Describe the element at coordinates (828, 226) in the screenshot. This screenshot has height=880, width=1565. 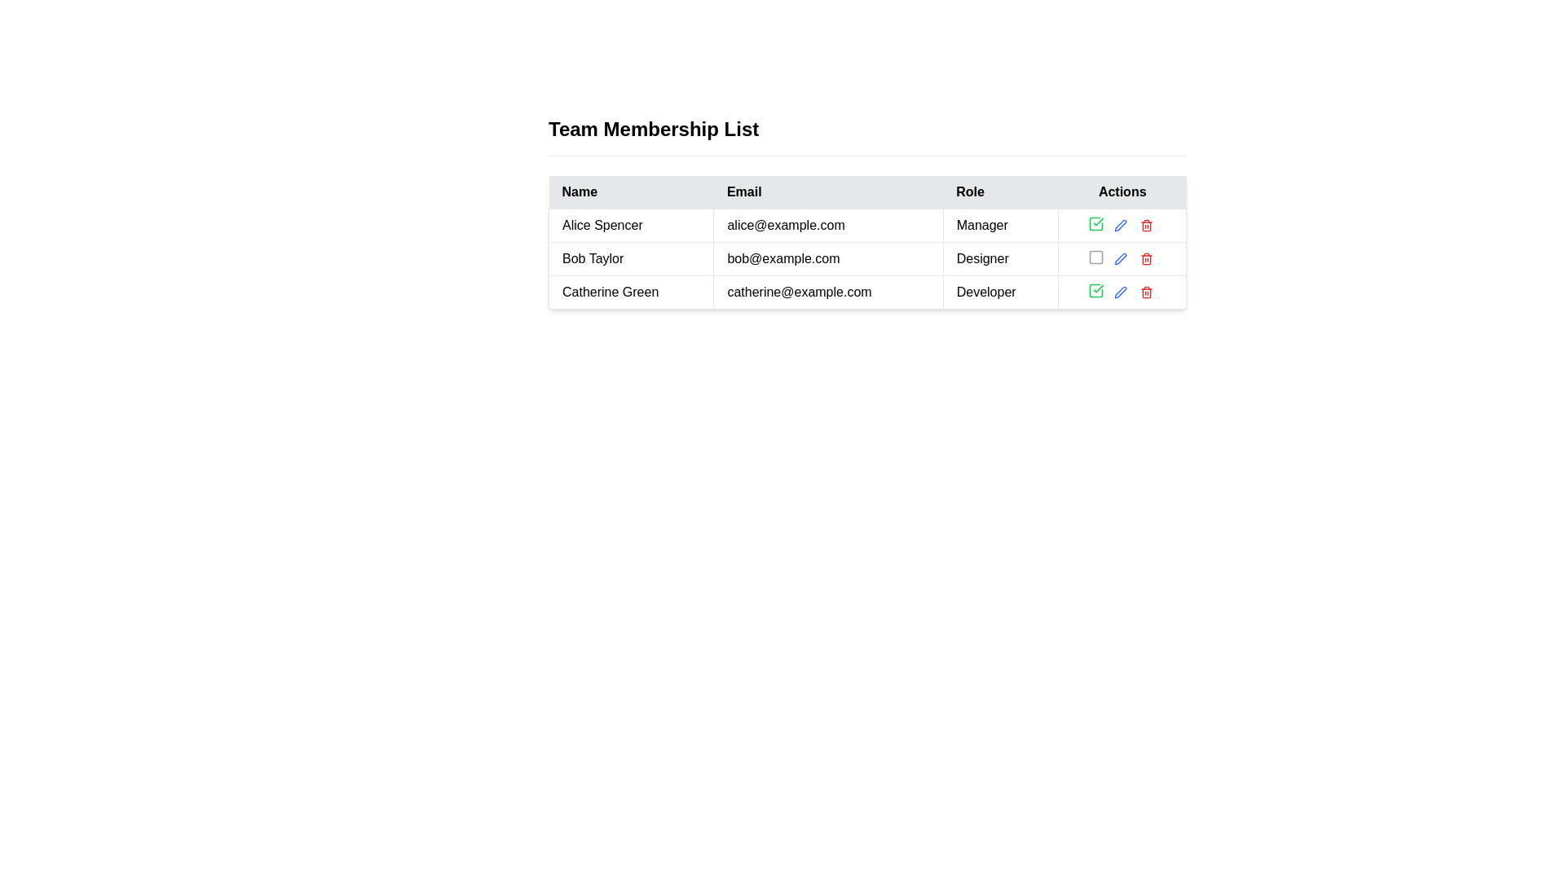
I see `the static text displaying the email address of team member Alice Spencer, located in the second cell of the first row under the 'Email' column` at that location.